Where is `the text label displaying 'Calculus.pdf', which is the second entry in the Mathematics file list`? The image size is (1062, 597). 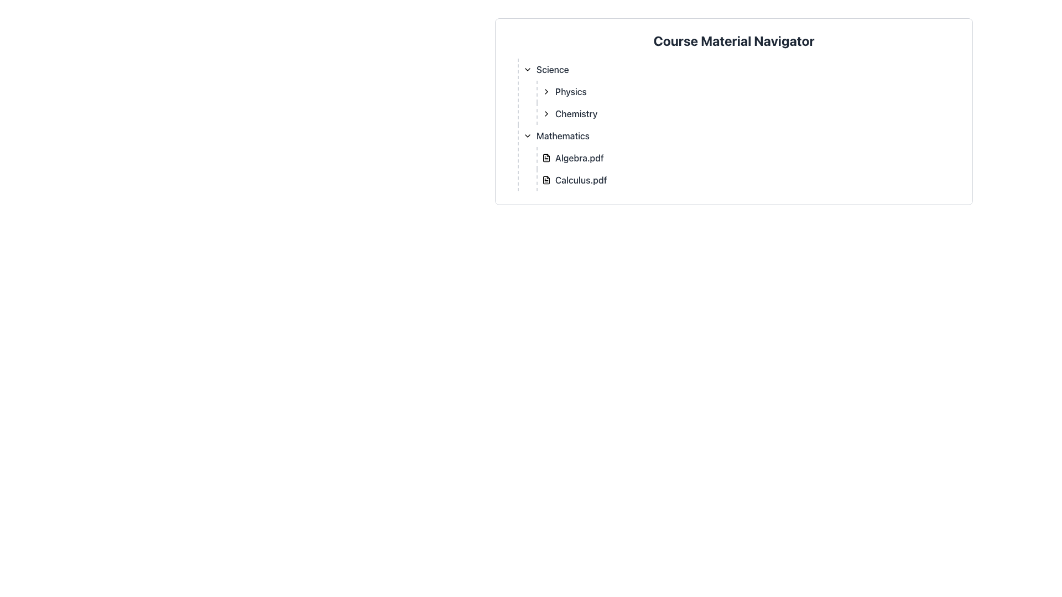
the text label displaying 'Calculus.pdf', which is the second entry in the Mathematics file list is located at coordinates (580, 180).